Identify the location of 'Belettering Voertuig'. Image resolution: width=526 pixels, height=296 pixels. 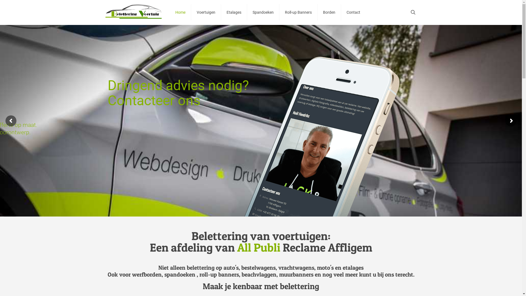
(133, 12).